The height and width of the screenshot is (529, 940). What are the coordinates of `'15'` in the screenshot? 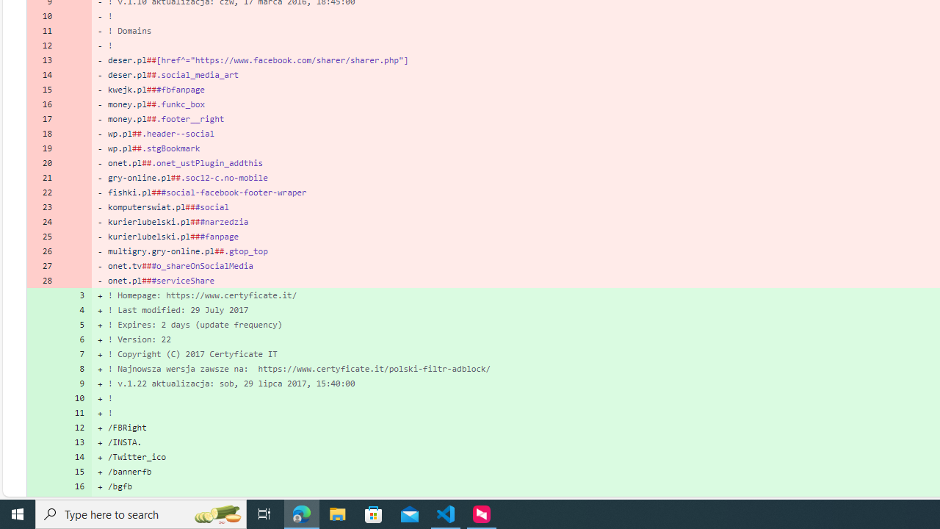 It's located at (75, 472).